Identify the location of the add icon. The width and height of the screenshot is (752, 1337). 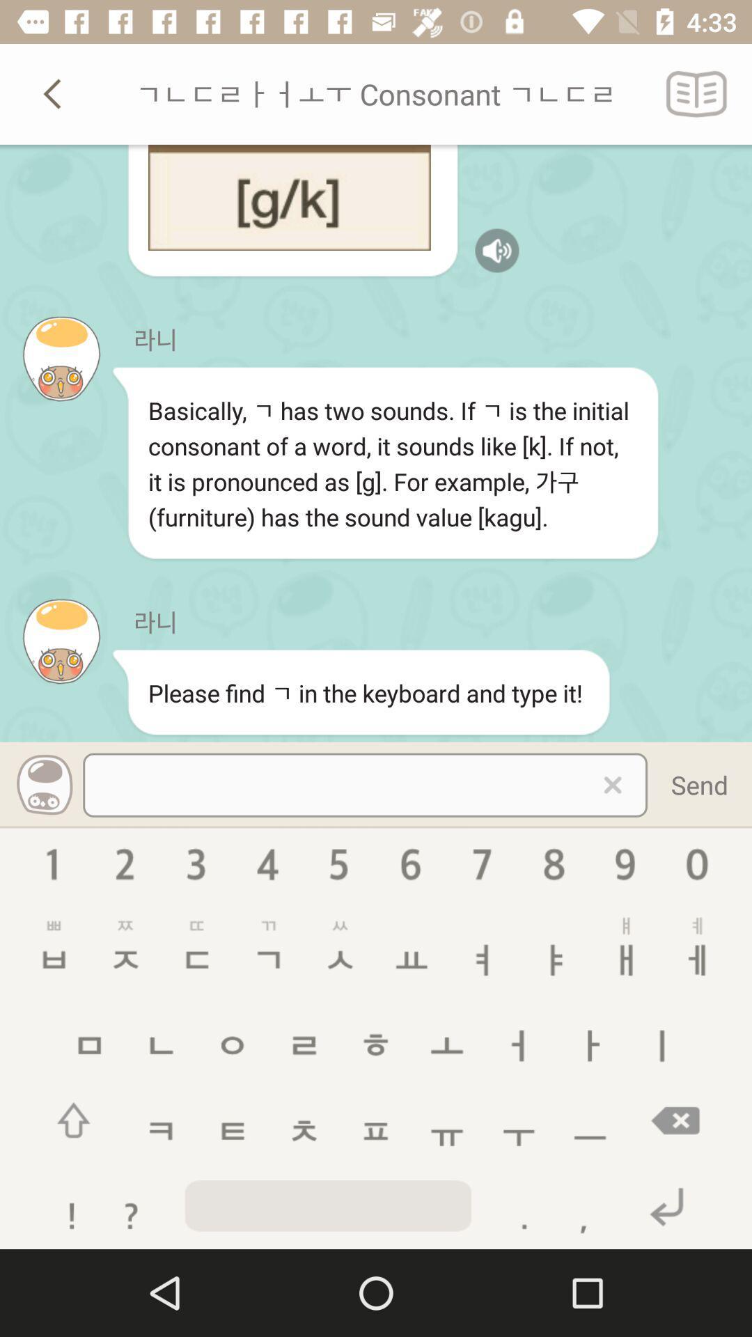
(483, 948).